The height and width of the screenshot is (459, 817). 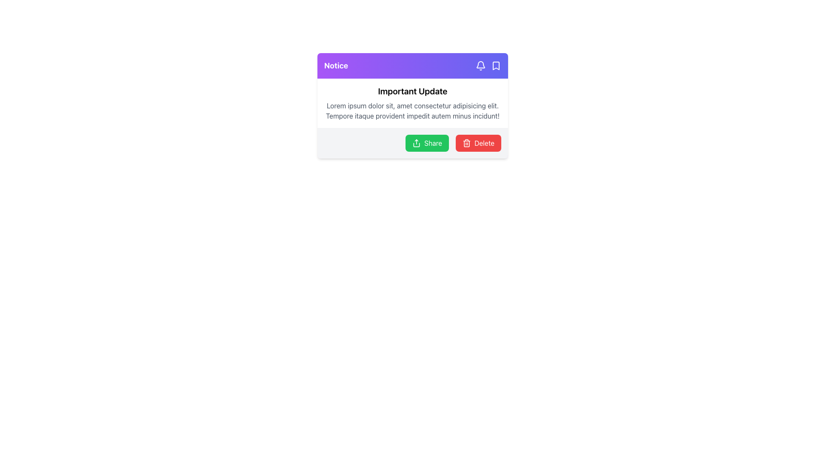 I want to click on header text that serves as a title and is positioned above the paragraph text and below the purple title bar labeled 'Notice', so click(x=412, y=91).